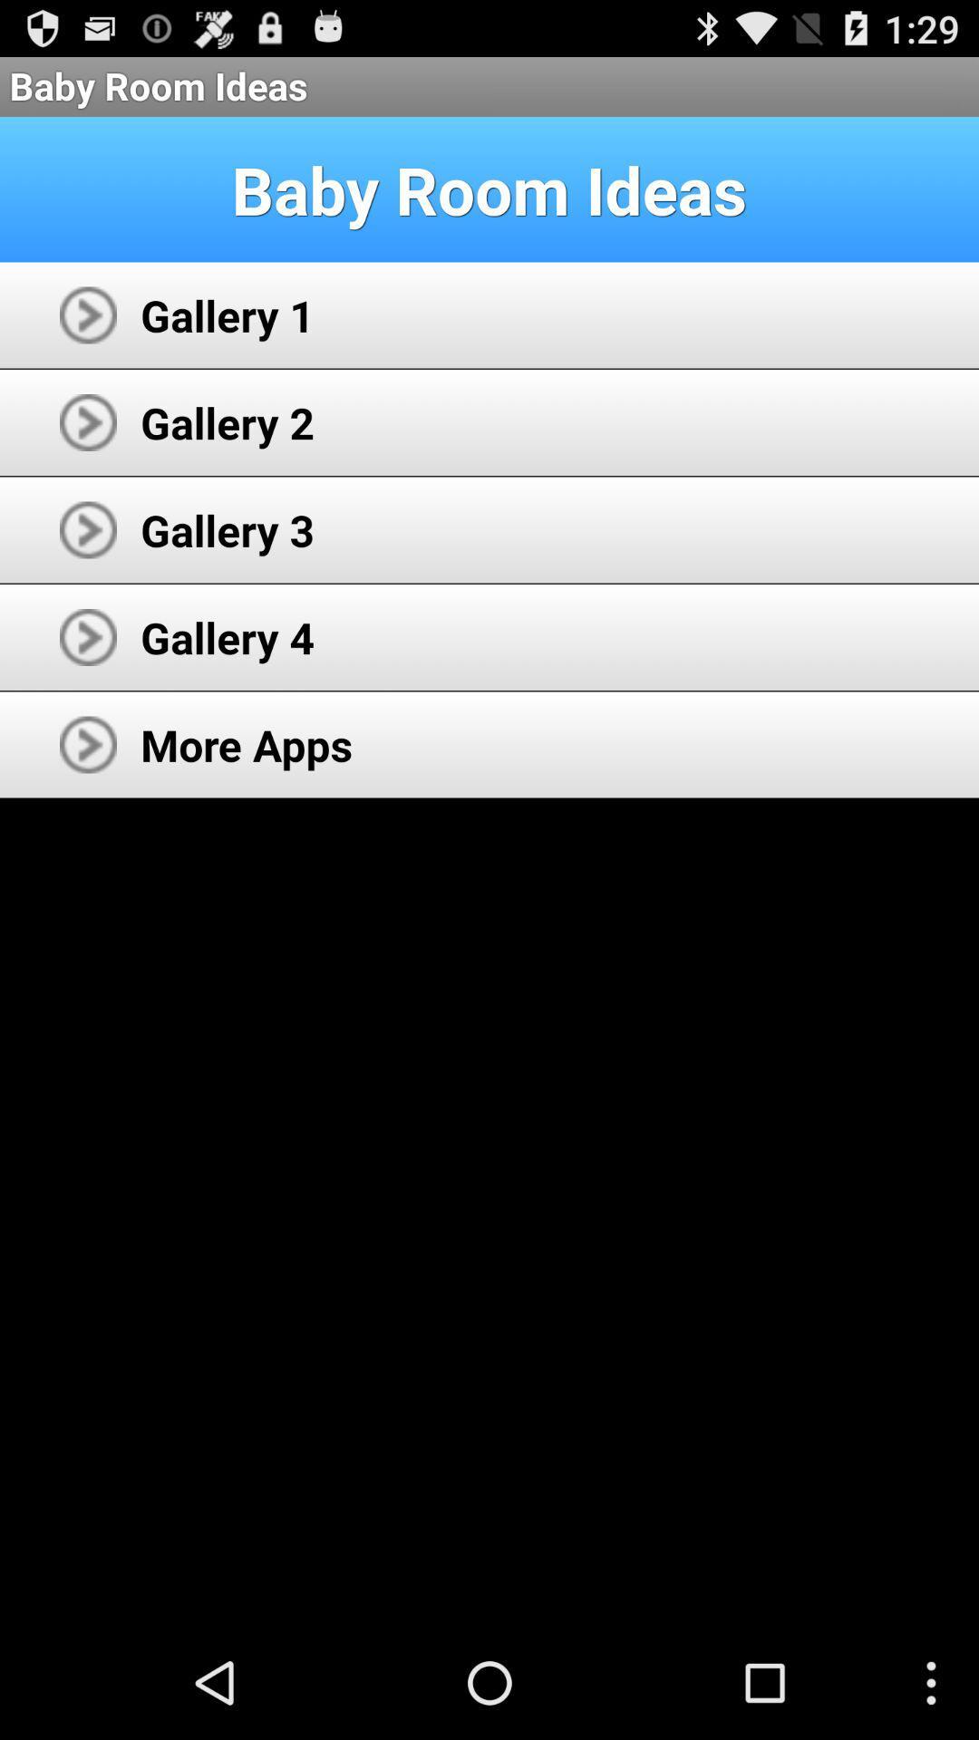 Image resolution: width=979 pixels, height=1740 pixels. I want to click on icon below gallery 2 icon, so click(227, 529).